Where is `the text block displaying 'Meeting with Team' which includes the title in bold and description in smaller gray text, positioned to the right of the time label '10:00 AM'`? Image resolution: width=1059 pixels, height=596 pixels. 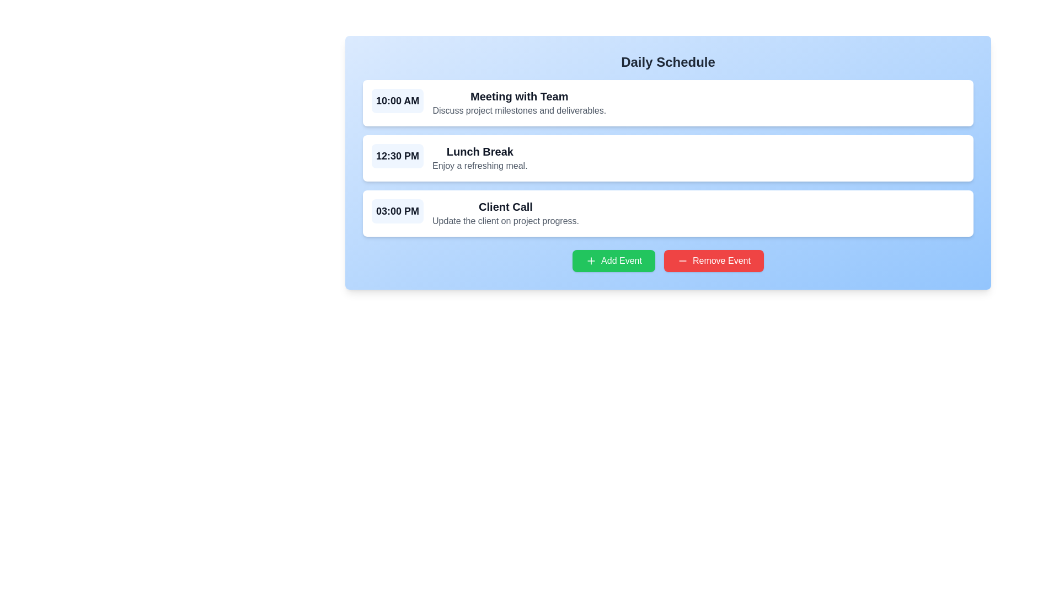 the text block displaying 'Meeting with Team' which includes the title in bold and description in smaller gray text, positioned to the right of the time label '10:00 AM' is located at coordinates (518, 103).